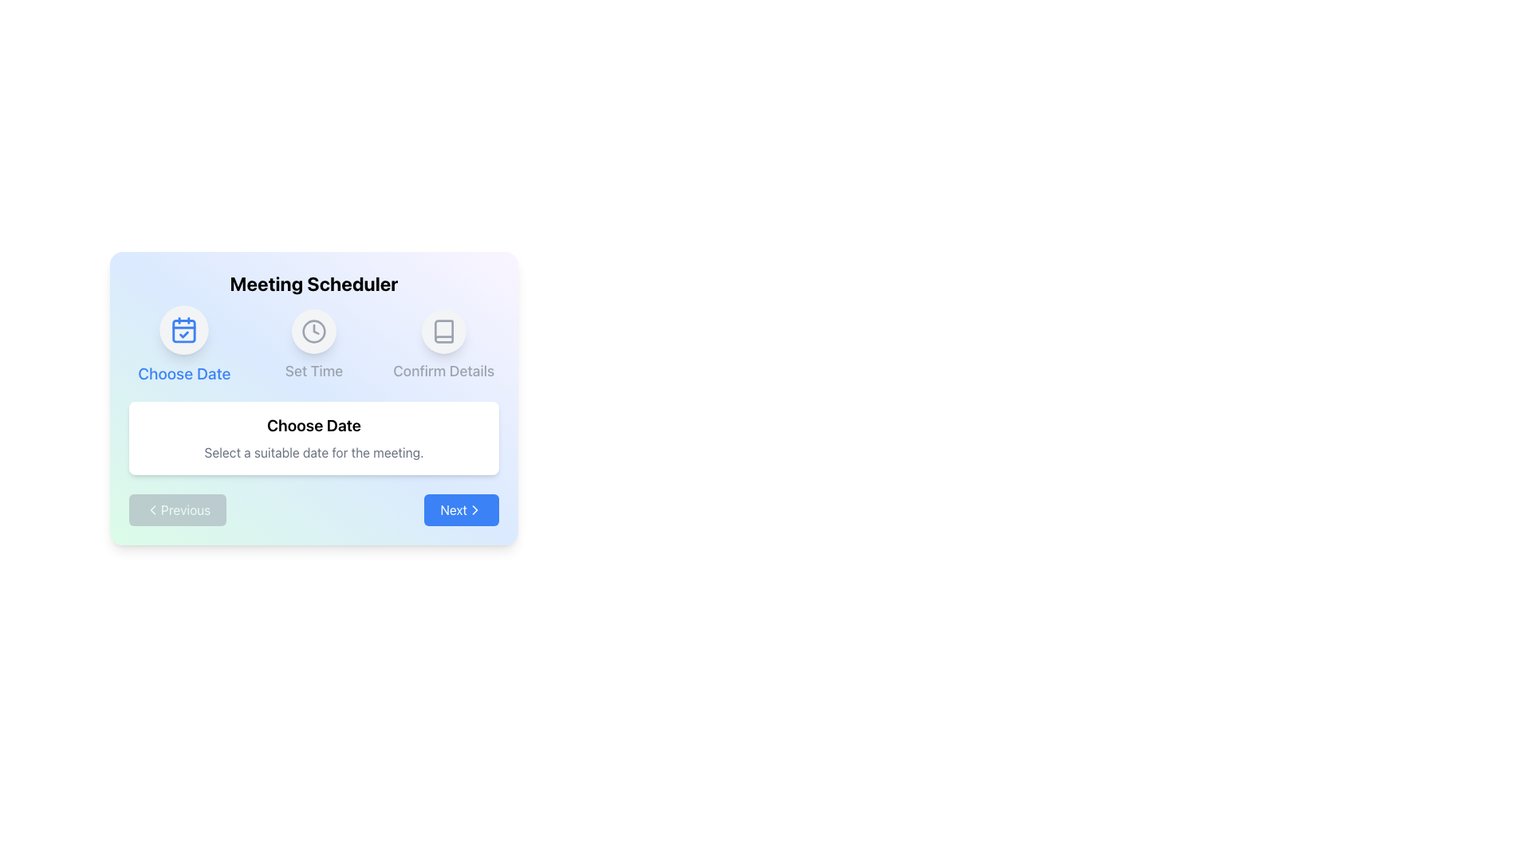 The image size is (1531, 861). Describe the element at coordinates (313, 331) in the screenshot. I see `the innermost circular part of the clock icon, which visually contributes to the representation of a clock under the 'Set Time' label` at that location.